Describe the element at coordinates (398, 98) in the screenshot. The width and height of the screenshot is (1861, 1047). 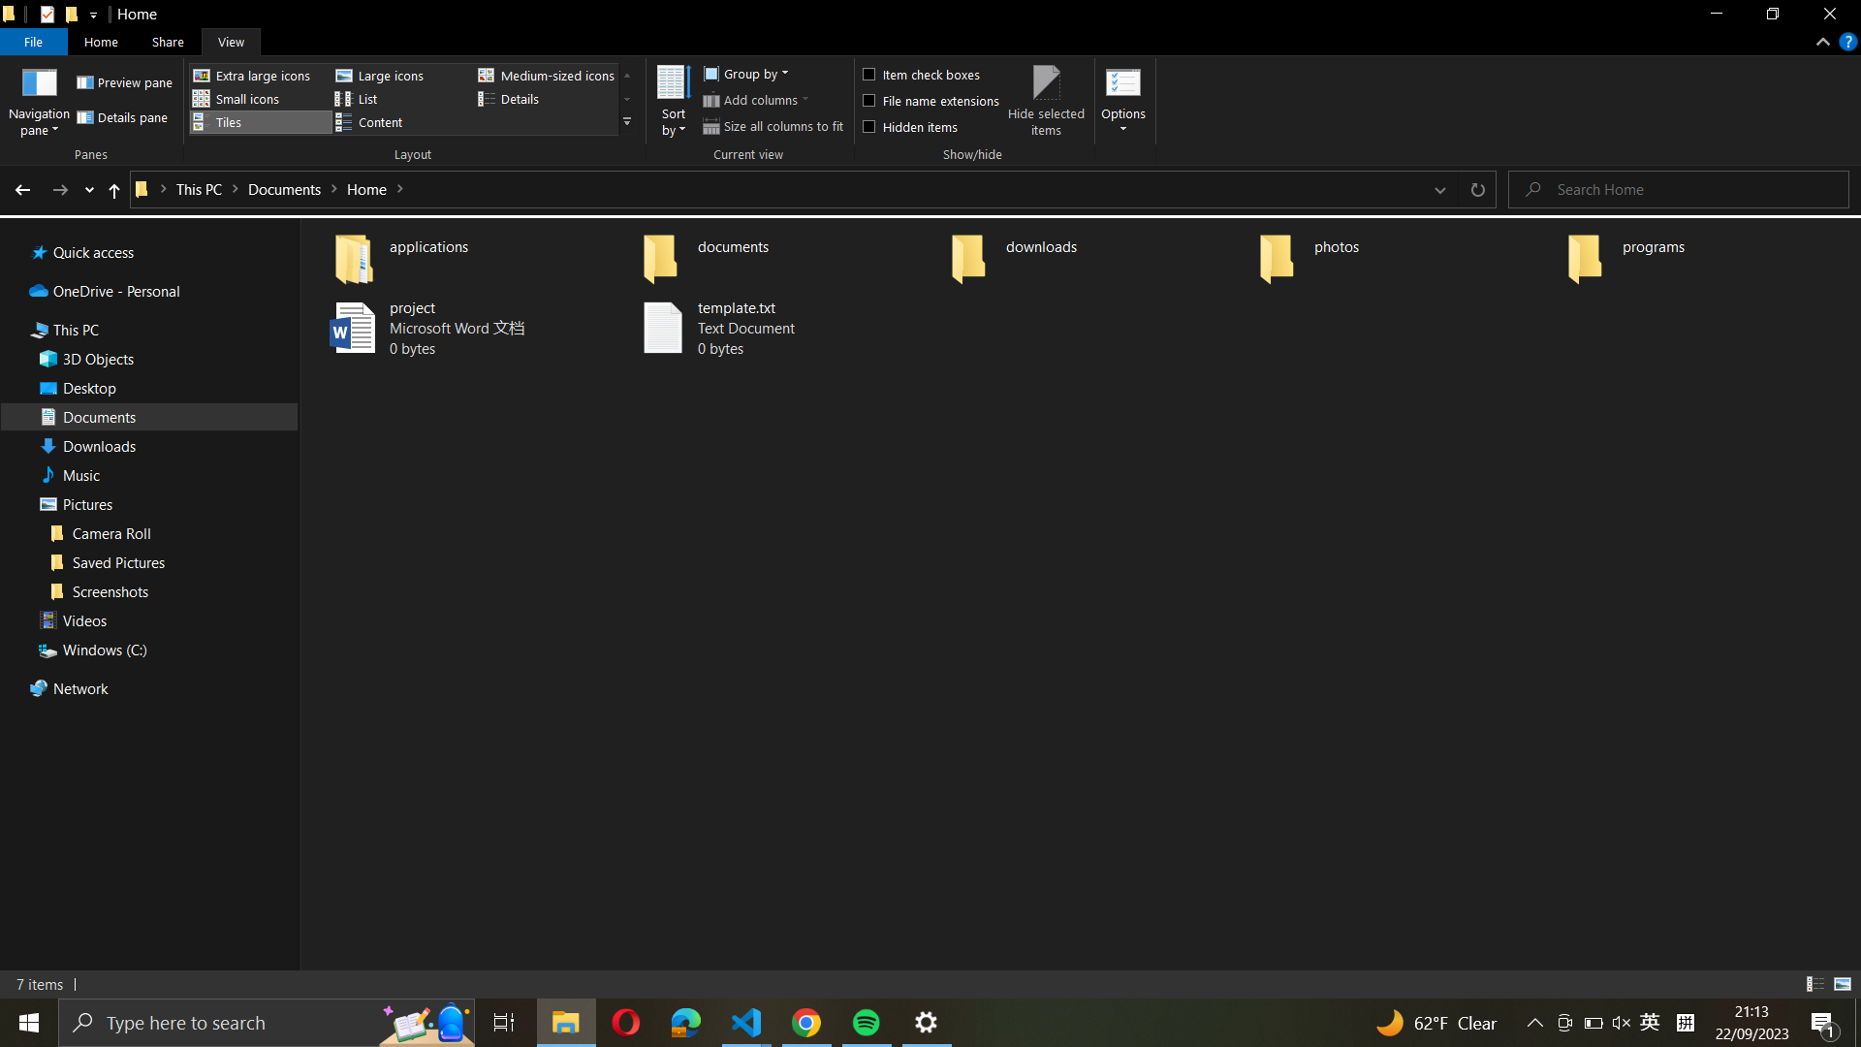
I see `Turn the folder view into listing format` at that location.